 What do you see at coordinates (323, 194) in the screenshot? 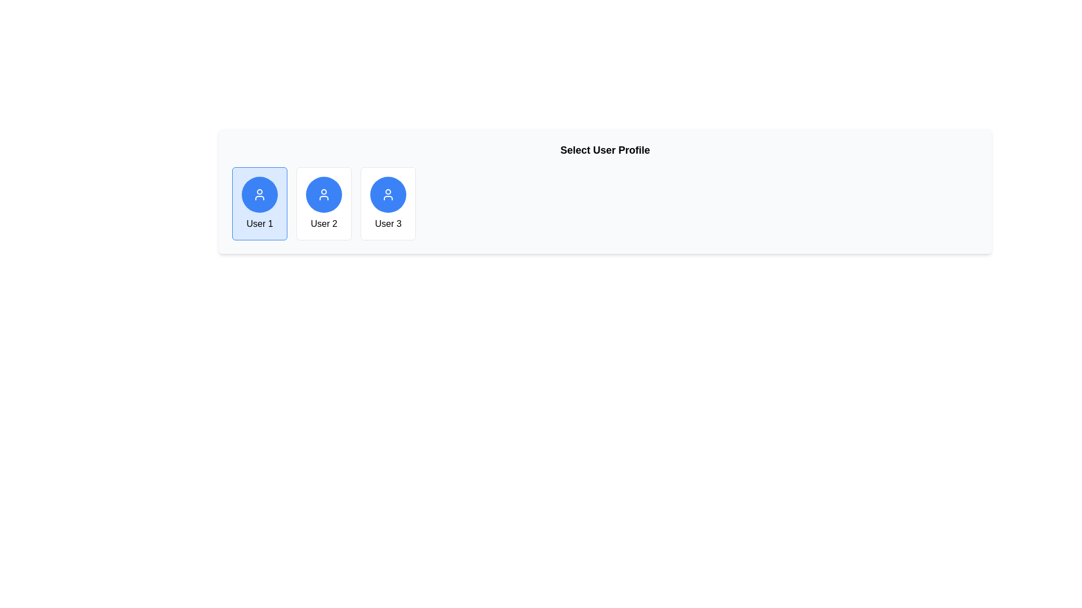
I see `the user profile button that represents 'User 2'` at bounding box center [323, 194].